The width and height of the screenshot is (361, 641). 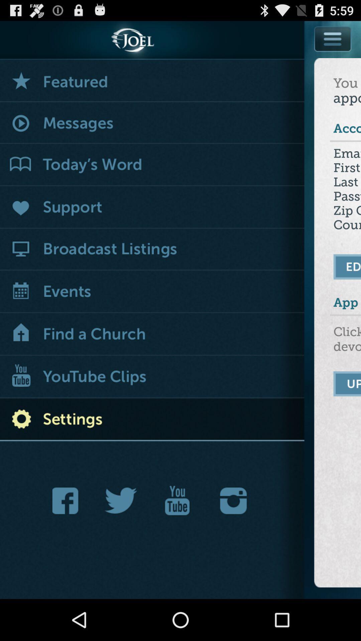 What do you see at coordinates (152, 80) in the screenshot?
I see `special events` at bounding box center [152, 80].